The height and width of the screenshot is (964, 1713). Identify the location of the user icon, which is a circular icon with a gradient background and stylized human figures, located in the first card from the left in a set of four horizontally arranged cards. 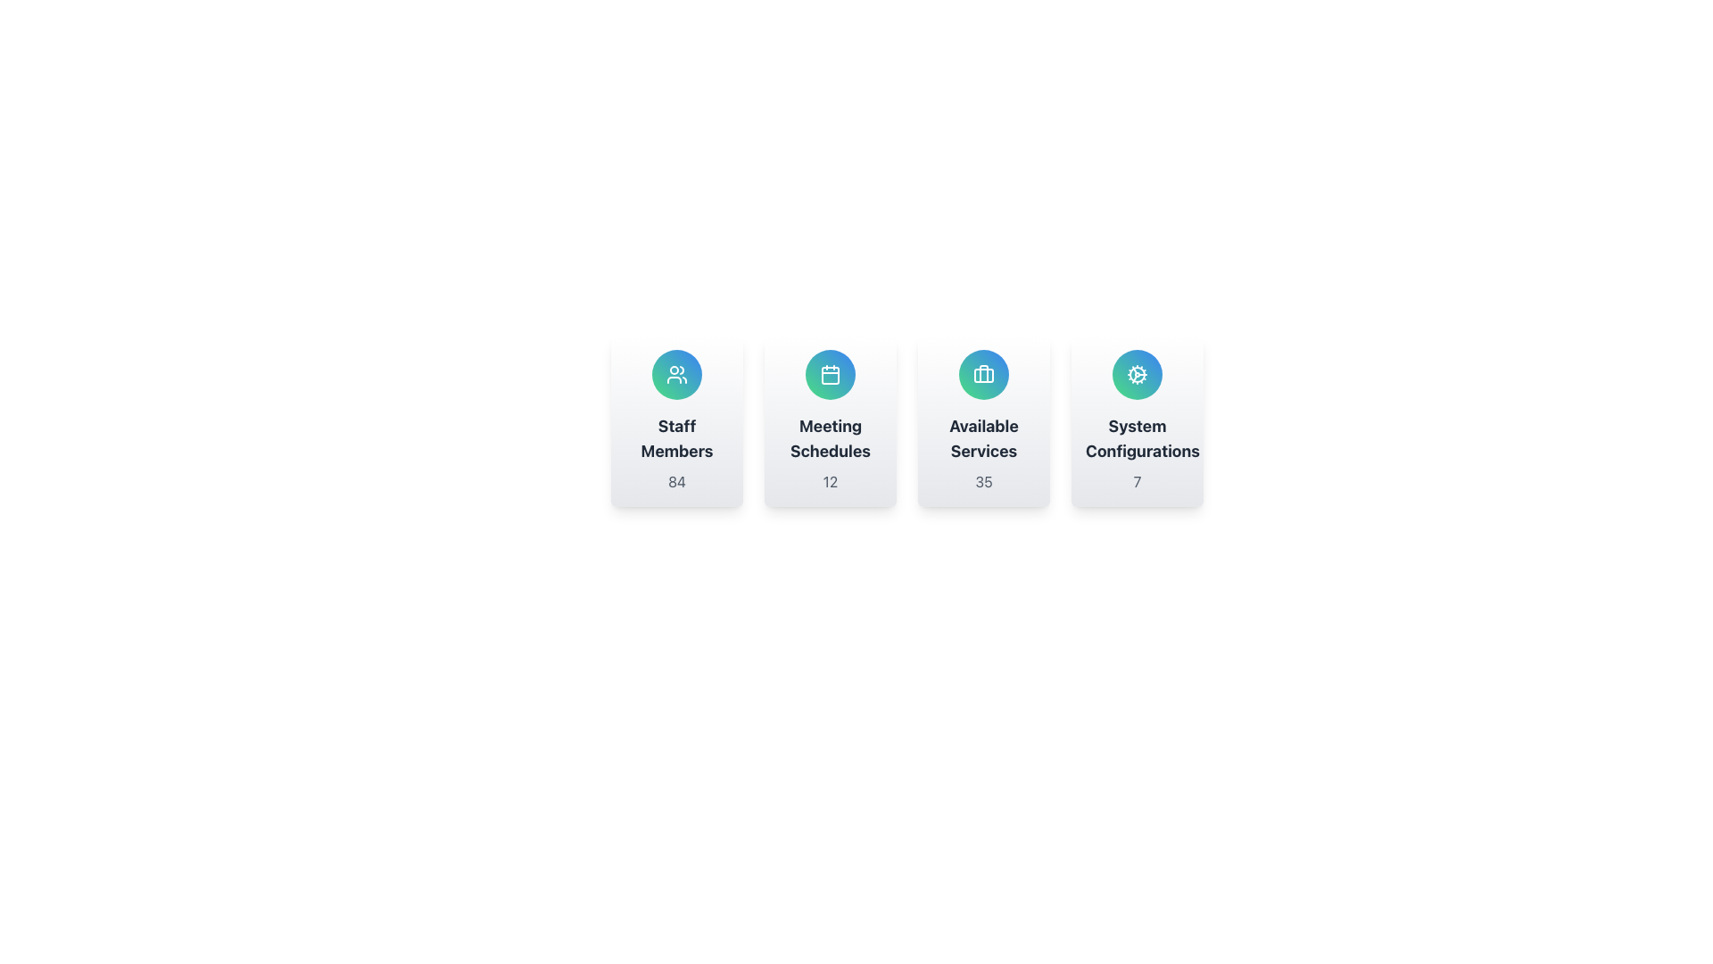
(675, 374).